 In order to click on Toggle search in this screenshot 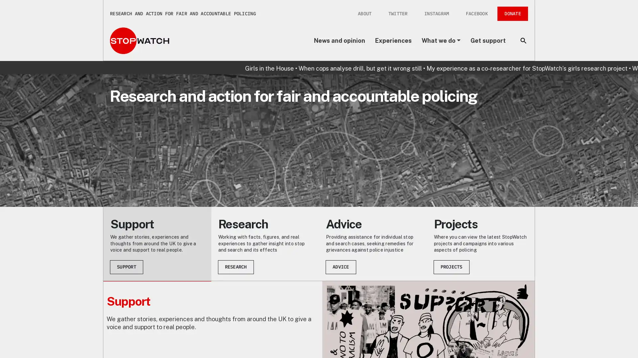, I will do `click(523, 41)`.